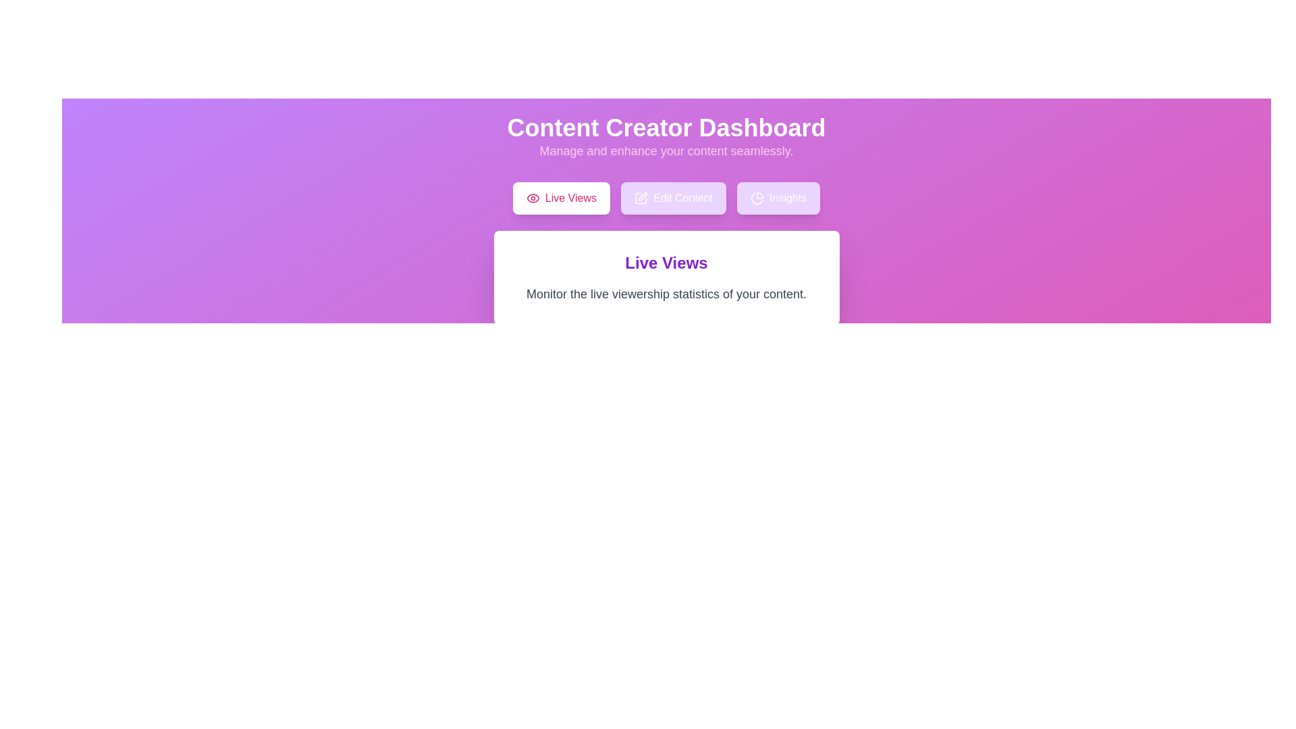 This screenshot has width=1296, height=729. What do you see at coordinates (674, 198) in the screenshot?
I see `the tab labeled Edit Content` at bounding box center [674, 198].